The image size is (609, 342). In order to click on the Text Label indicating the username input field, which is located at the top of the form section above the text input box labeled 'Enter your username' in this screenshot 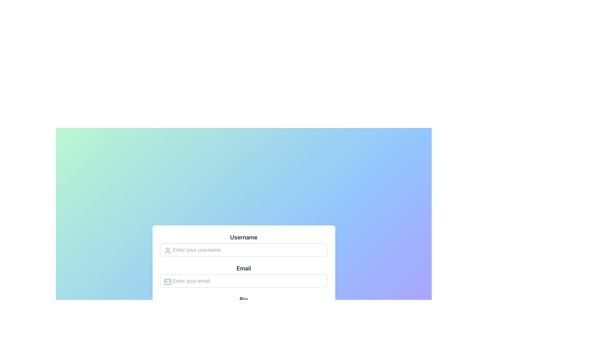, I will do `click(243, 237)`.